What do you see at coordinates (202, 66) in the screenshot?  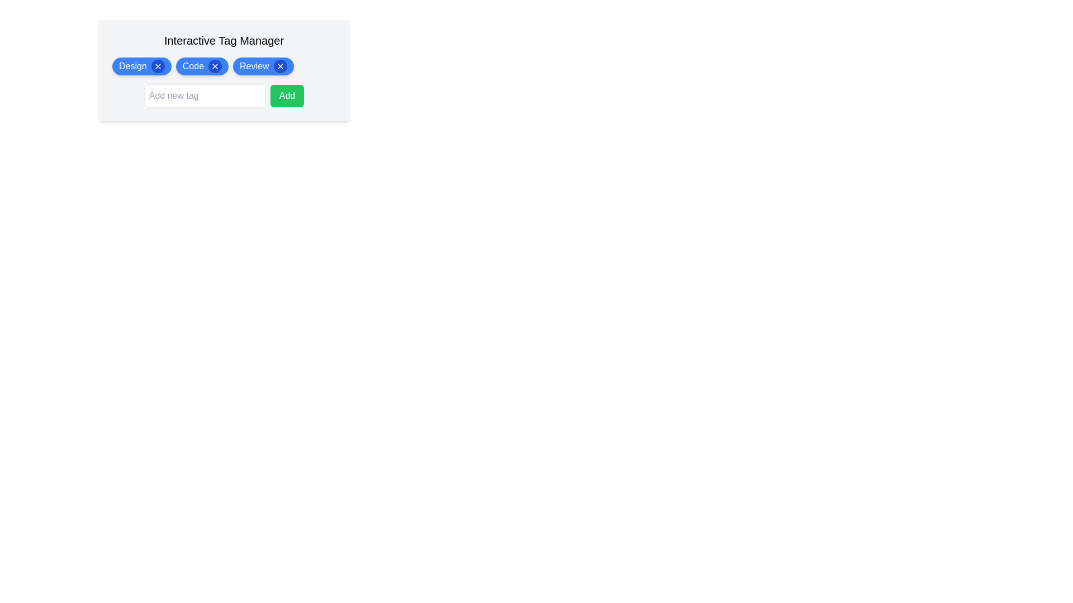 I see `the close button on the 'Code' tag` at bounding box center [202, 66].